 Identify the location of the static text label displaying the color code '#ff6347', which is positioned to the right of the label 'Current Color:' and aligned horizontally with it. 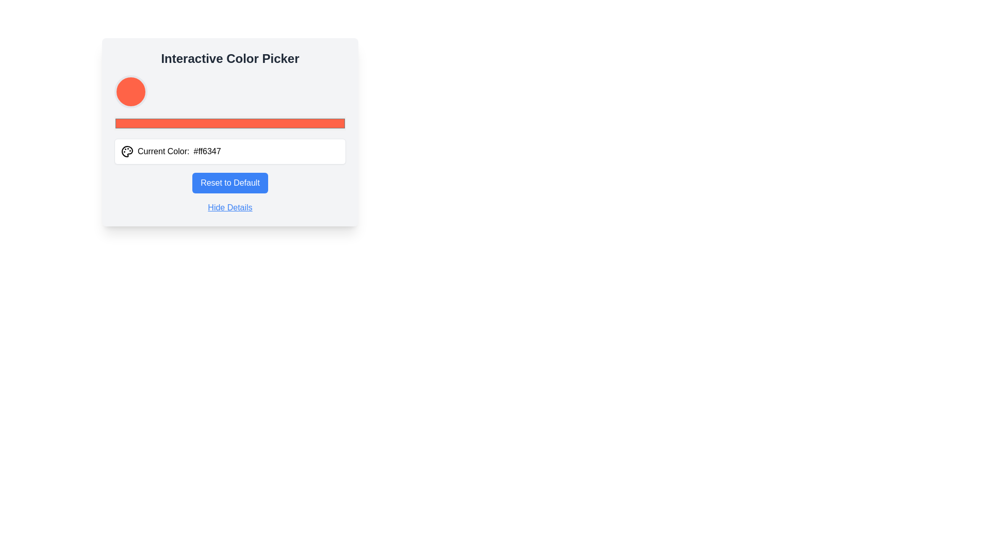
(207, 151).